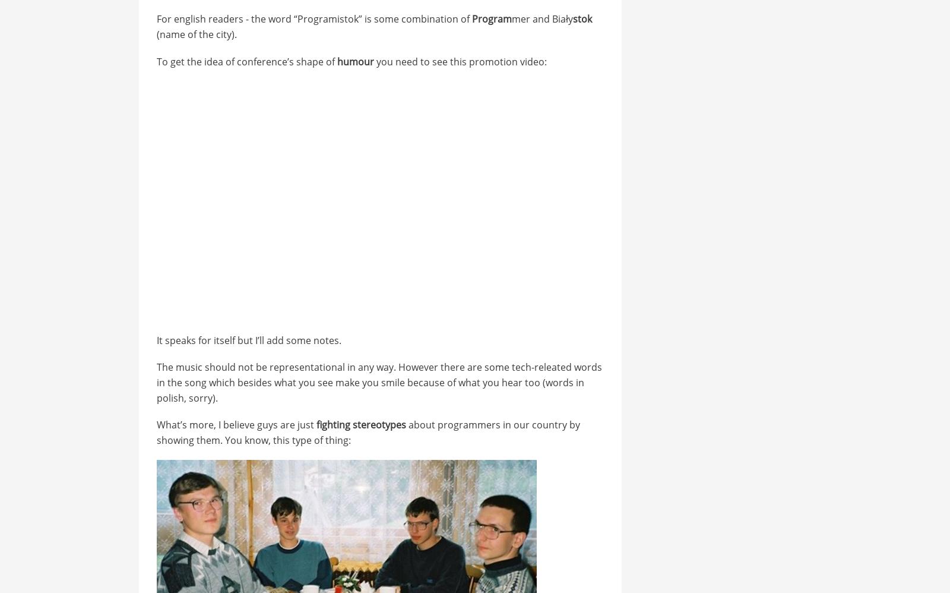 The height and width of the screenshot is (593, 950). What do you see at coordinates (541, 19) in the screenshot?
I see `'mer and Biały'` at bounding box center [541, 19].